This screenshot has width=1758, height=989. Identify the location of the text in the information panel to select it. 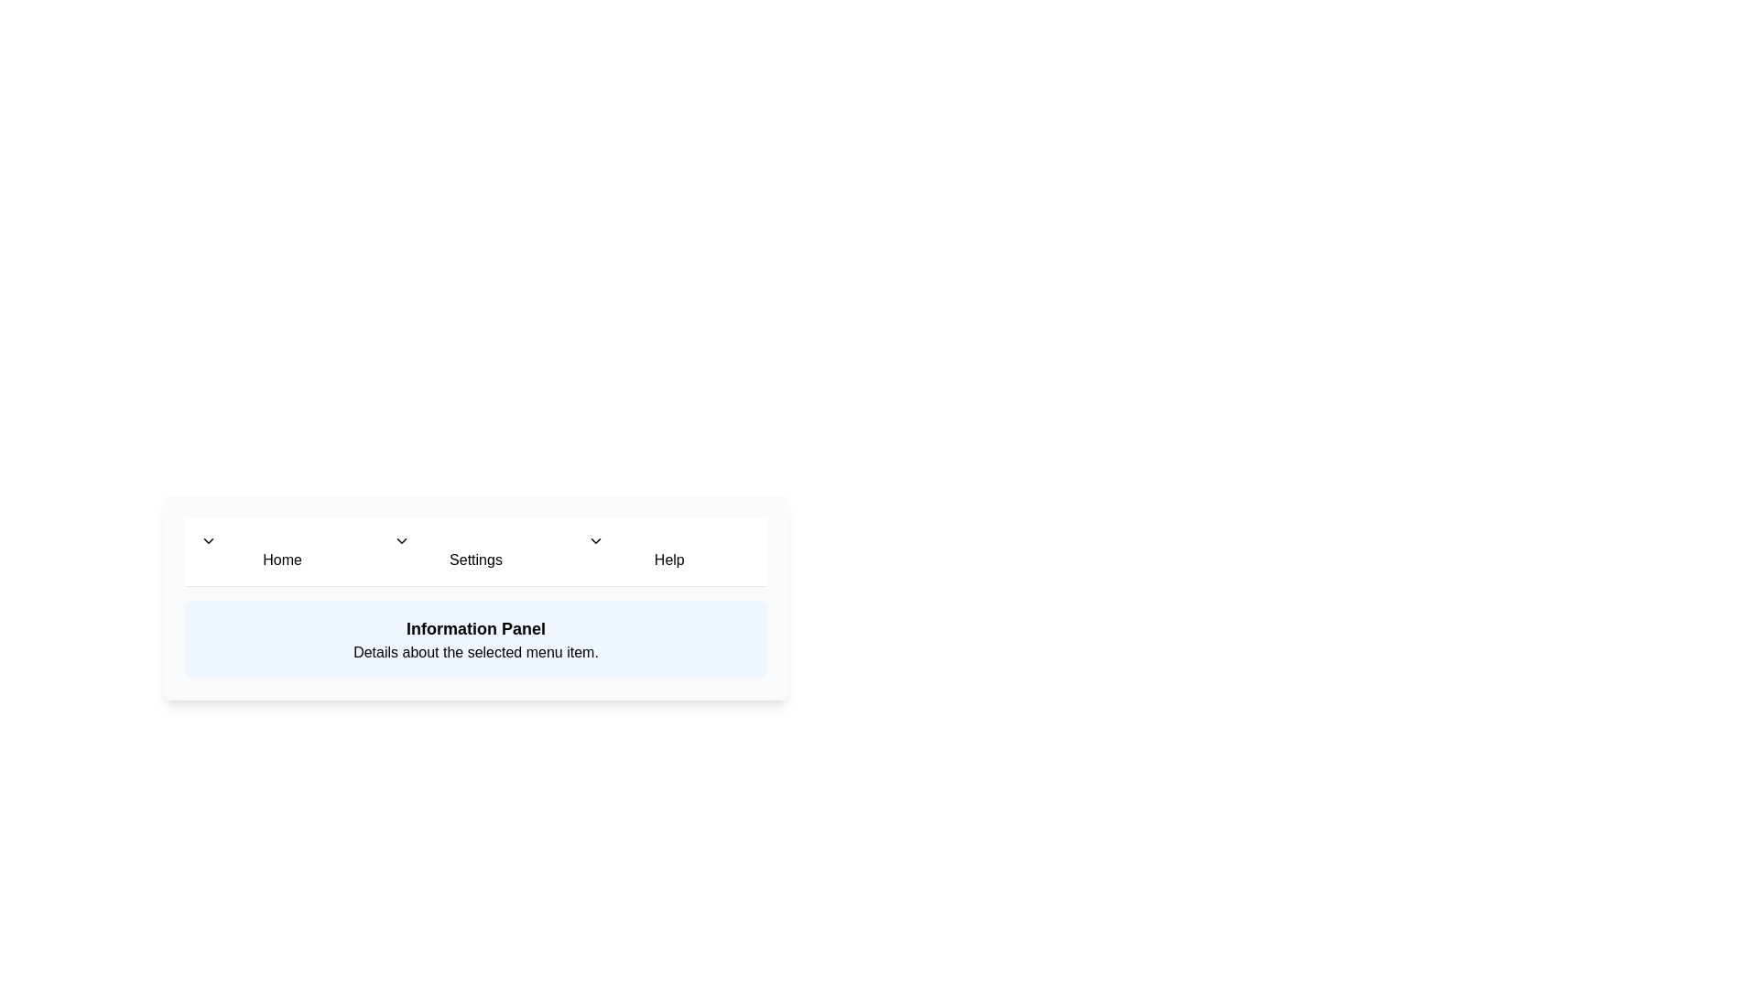
(475, 638).